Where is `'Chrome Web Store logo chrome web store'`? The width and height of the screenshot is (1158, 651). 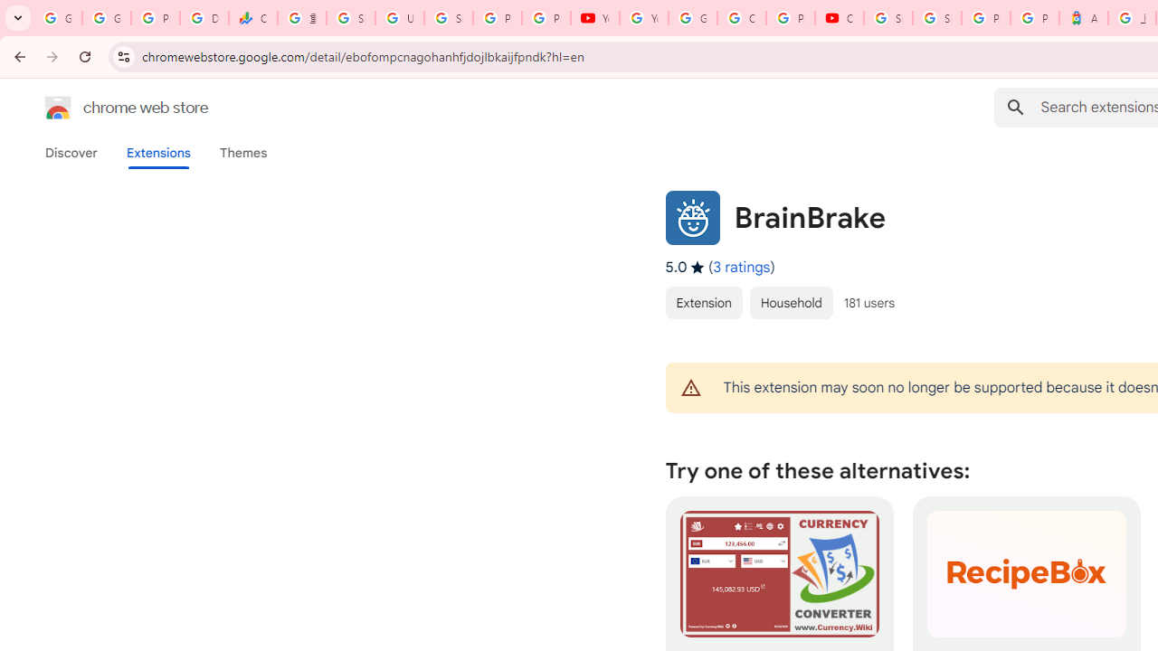 'Chrome Web Store logo chrome web store' is located at coordinates (107, 108).